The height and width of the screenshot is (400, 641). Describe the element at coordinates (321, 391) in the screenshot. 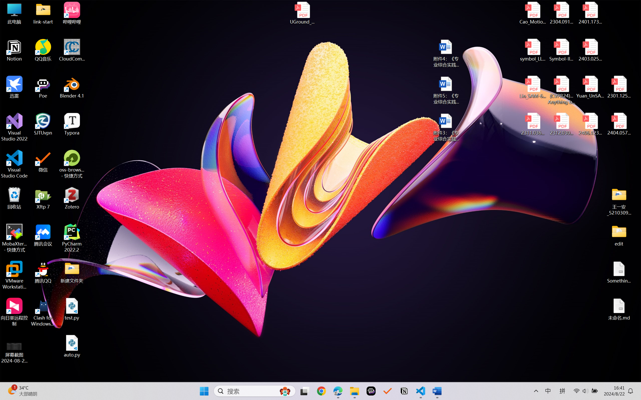

I see `'Google Chrome'` at that location.